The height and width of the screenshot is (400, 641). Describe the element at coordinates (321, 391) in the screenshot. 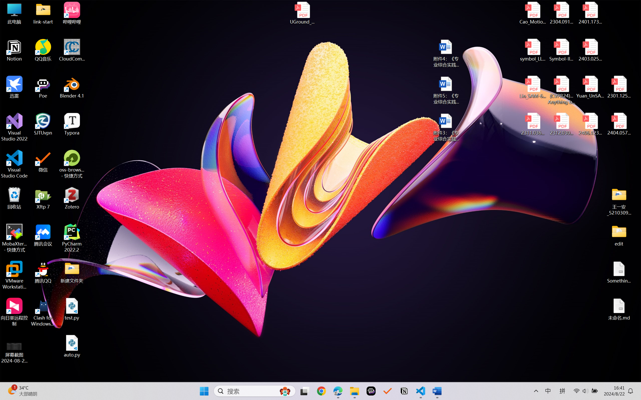

I see `'Google Chrome'` at that location.